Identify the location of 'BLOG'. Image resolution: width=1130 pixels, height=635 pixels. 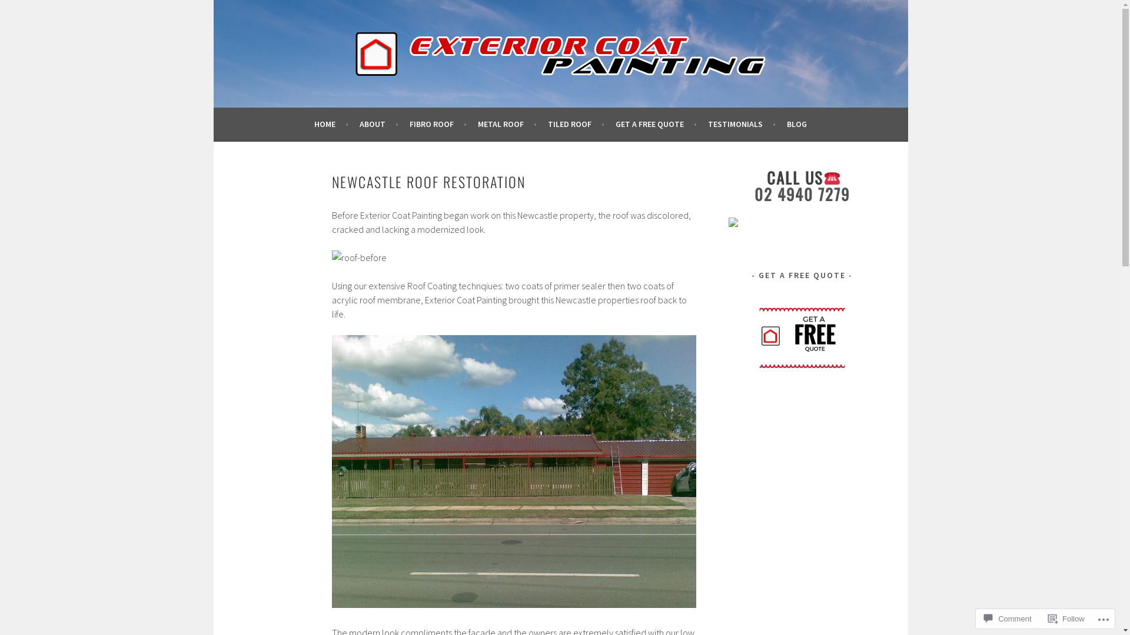
(796, 124).